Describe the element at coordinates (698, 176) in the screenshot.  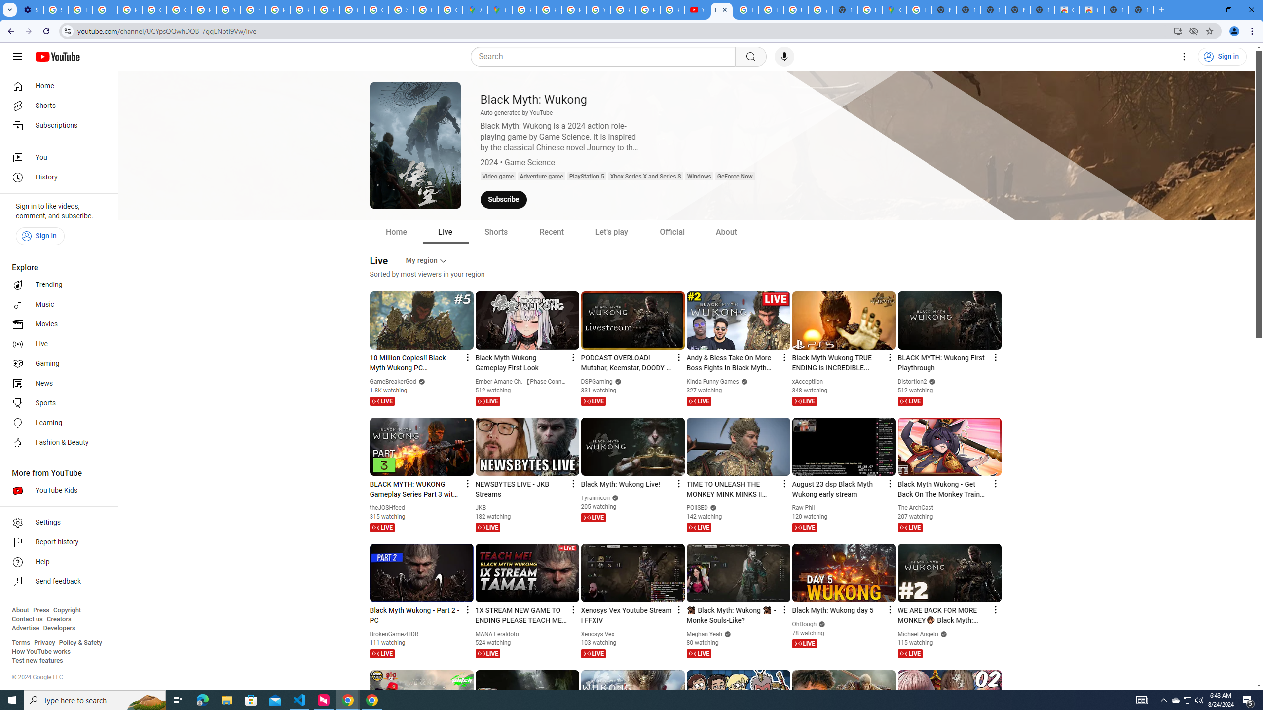
I see `'Windows'` at that location.